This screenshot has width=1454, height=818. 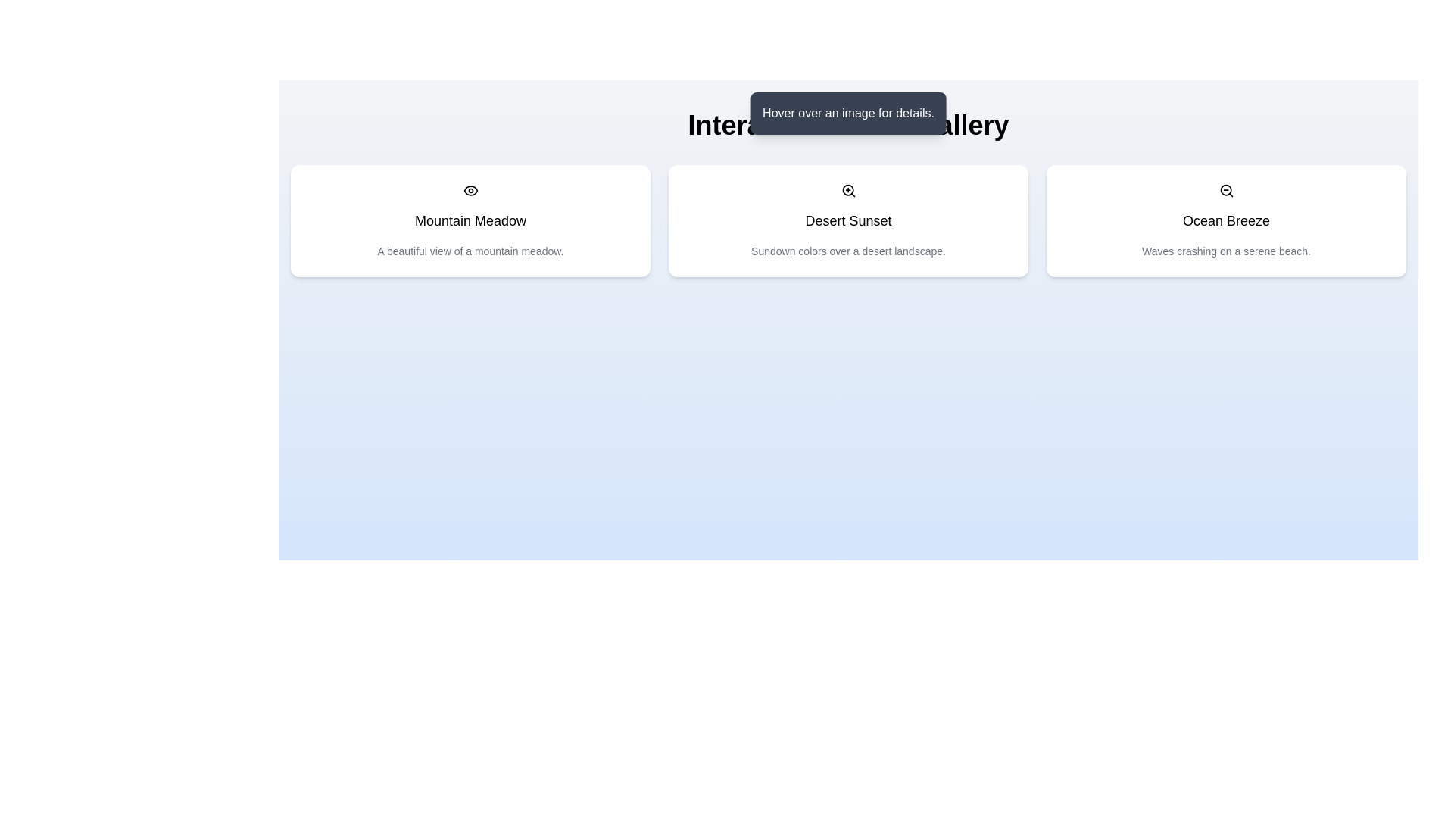 I want to click on descriptive subtitle text label located below the 'Mountain Meadow' title and eye icon within the card interface, so click(x=470, y=250).